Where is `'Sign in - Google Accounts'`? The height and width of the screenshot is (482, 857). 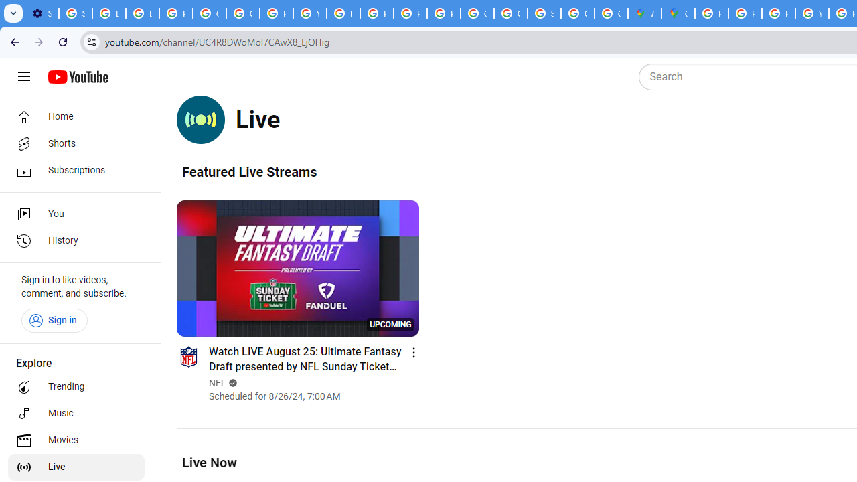 'Sign in - Google Accounts' is located at coordinates (75, 13).